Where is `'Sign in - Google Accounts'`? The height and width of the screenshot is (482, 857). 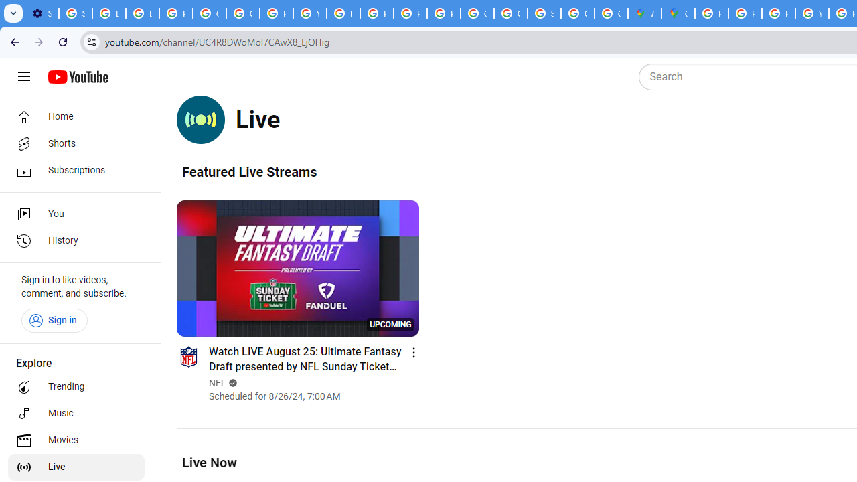 'Sign in - Google Accounts' is located at coordinates (75, 13).